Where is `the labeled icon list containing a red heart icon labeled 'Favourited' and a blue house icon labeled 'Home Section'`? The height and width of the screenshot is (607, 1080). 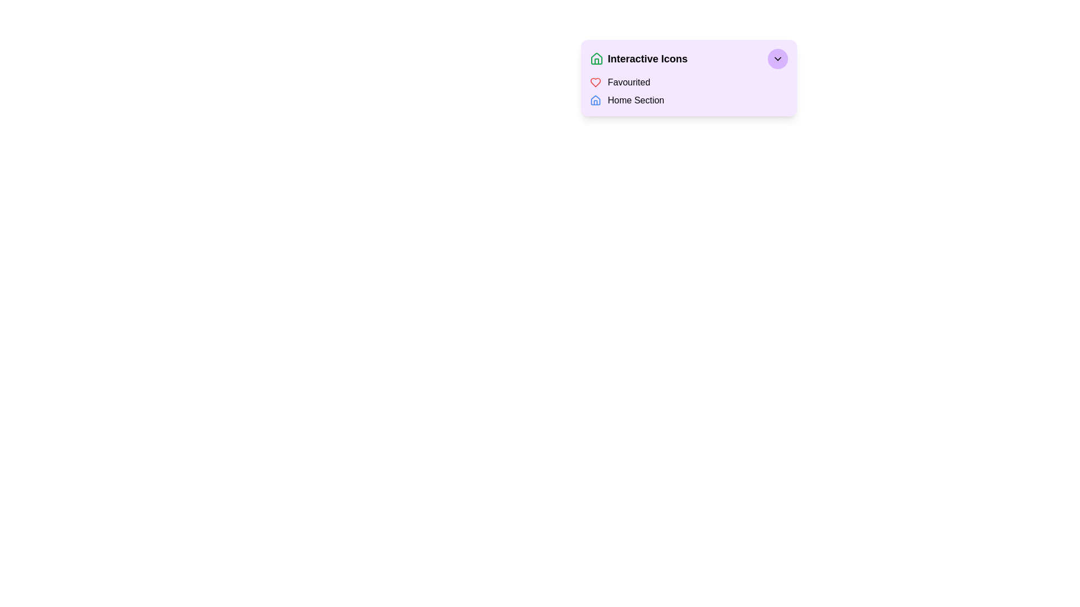
the labeled icon list containing a red heart icon labeled 'Favourited' and a blue house icon labeled 'Home Section' is located at coordinates (688, 90).